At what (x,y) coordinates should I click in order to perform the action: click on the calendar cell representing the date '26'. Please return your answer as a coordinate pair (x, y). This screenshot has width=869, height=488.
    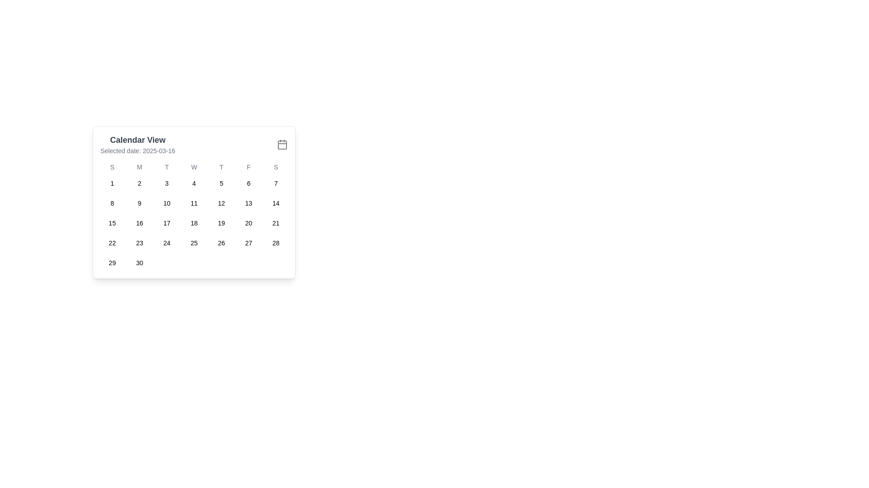
    Looking at the image, I should click on (221, 242).